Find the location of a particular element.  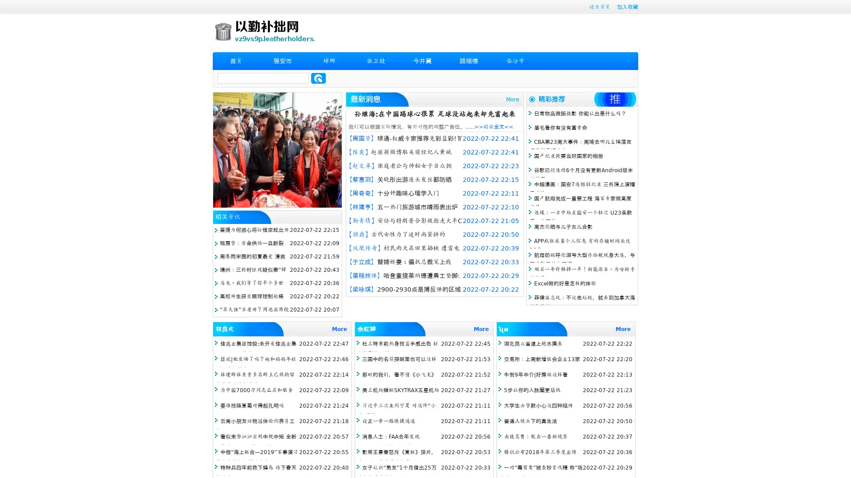

Search is located at coordinates (318, 78).